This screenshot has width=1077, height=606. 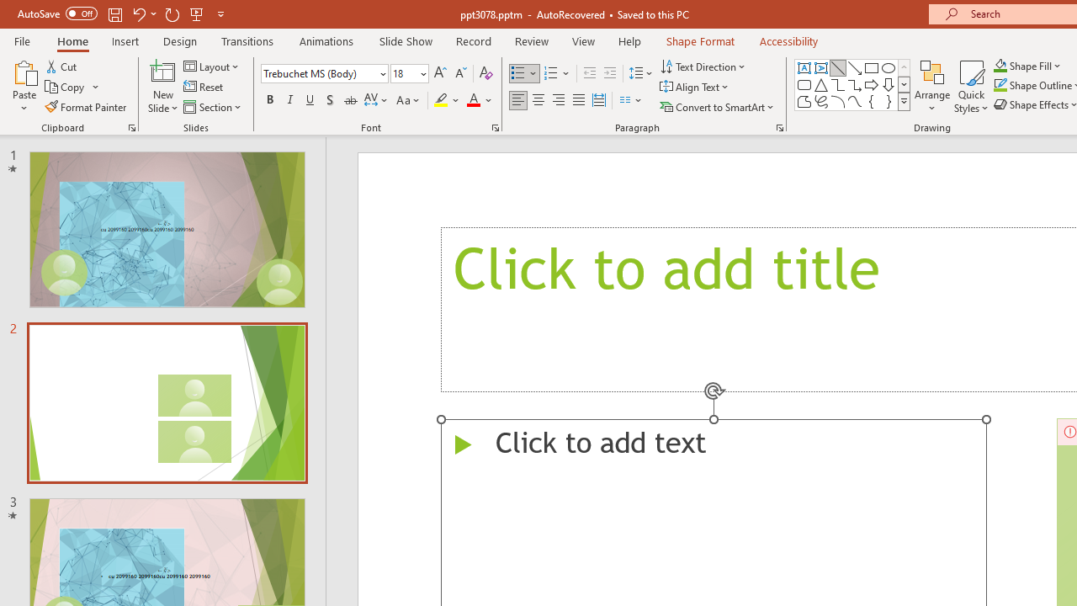 I want to click on 'Office Clipboard...', so click(x=130, y=126).